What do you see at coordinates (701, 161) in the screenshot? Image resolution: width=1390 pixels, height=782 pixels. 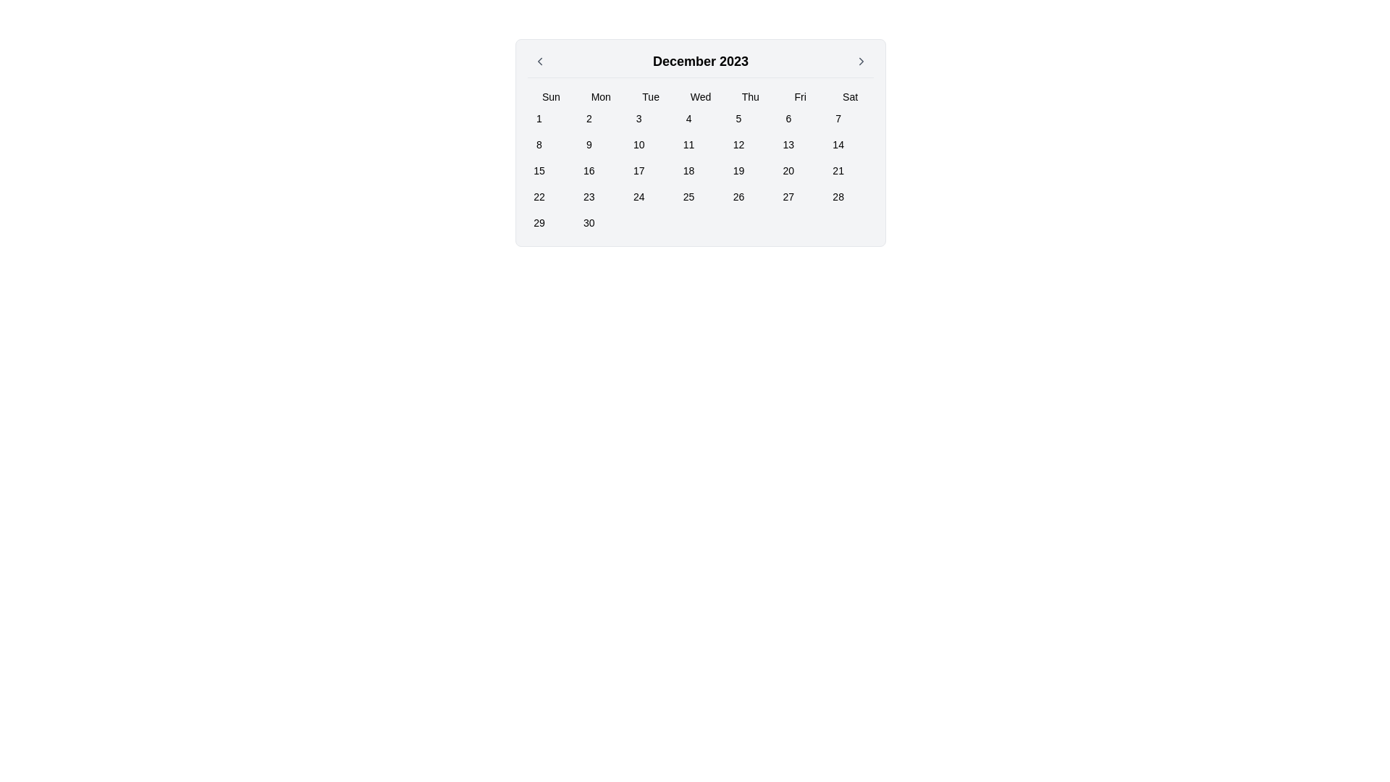 I see `a specific day in the calendar grid layout displaying the days of December 2023` at bounding box center [701, 161].